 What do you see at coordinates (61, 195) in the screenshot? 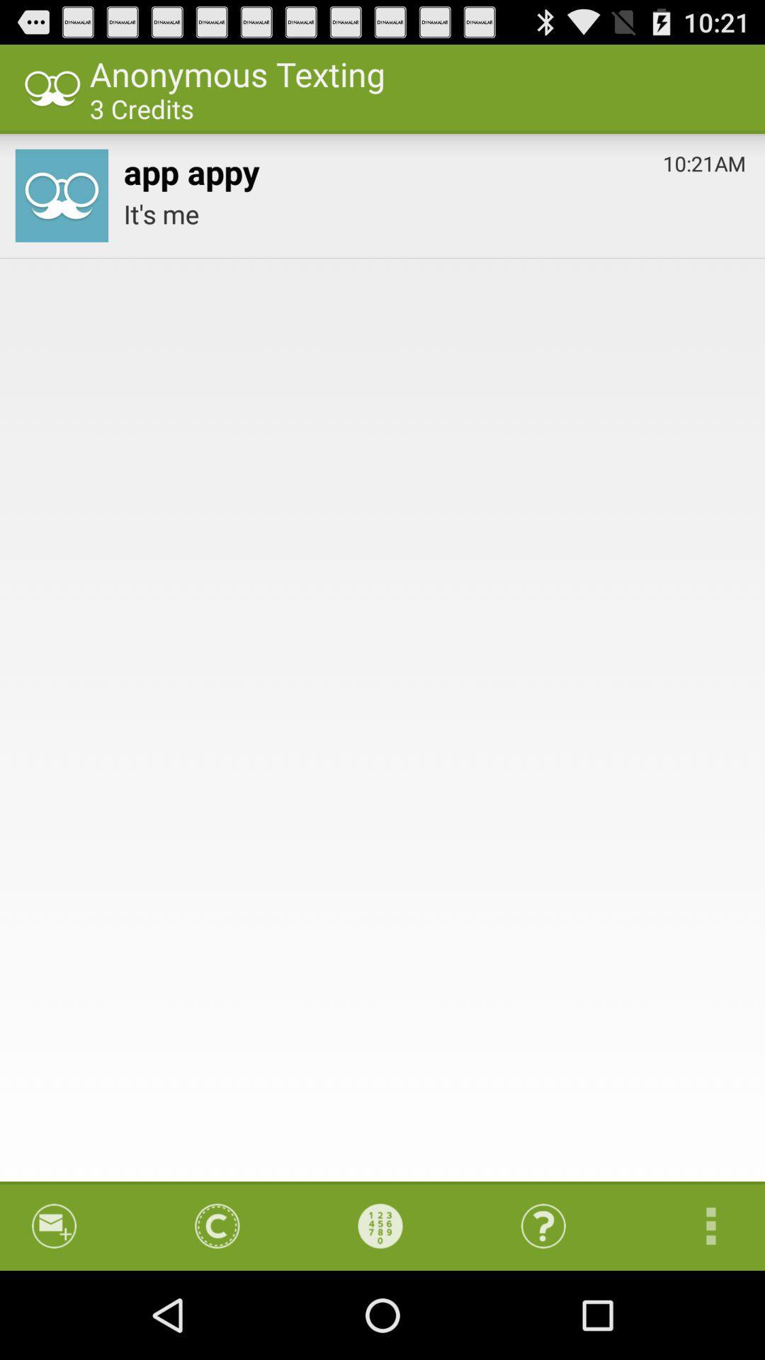
I see `app to the left of the app appy` at bounding box center [61, 195].